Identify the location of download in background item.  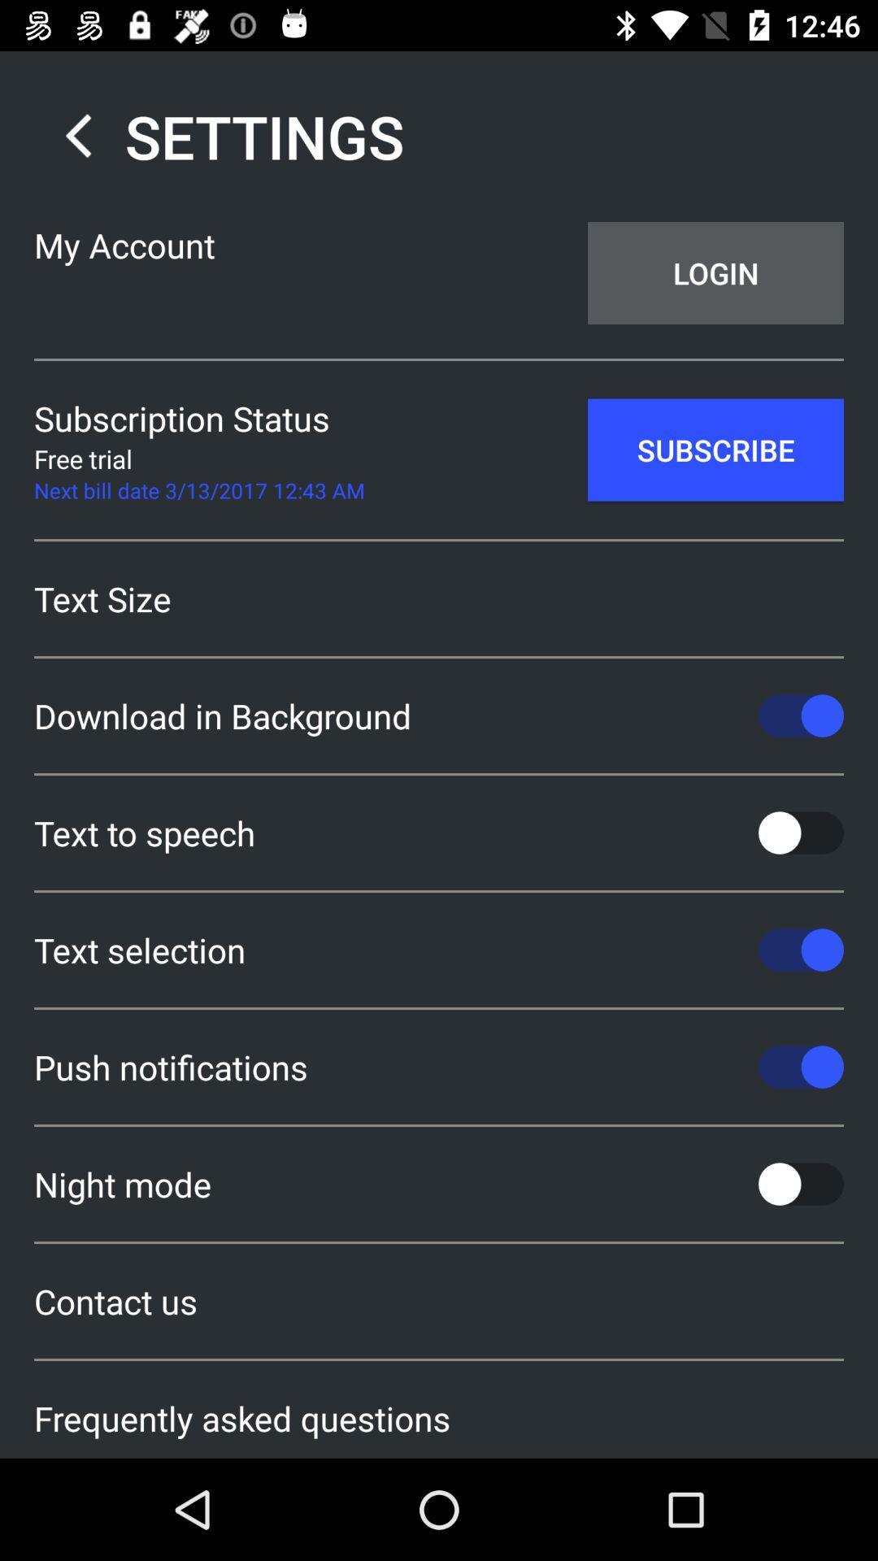
(439, 715).